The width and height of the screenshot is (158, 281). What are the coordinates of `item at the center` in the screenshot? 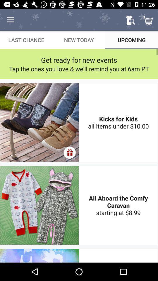 It's located at (70, 152).